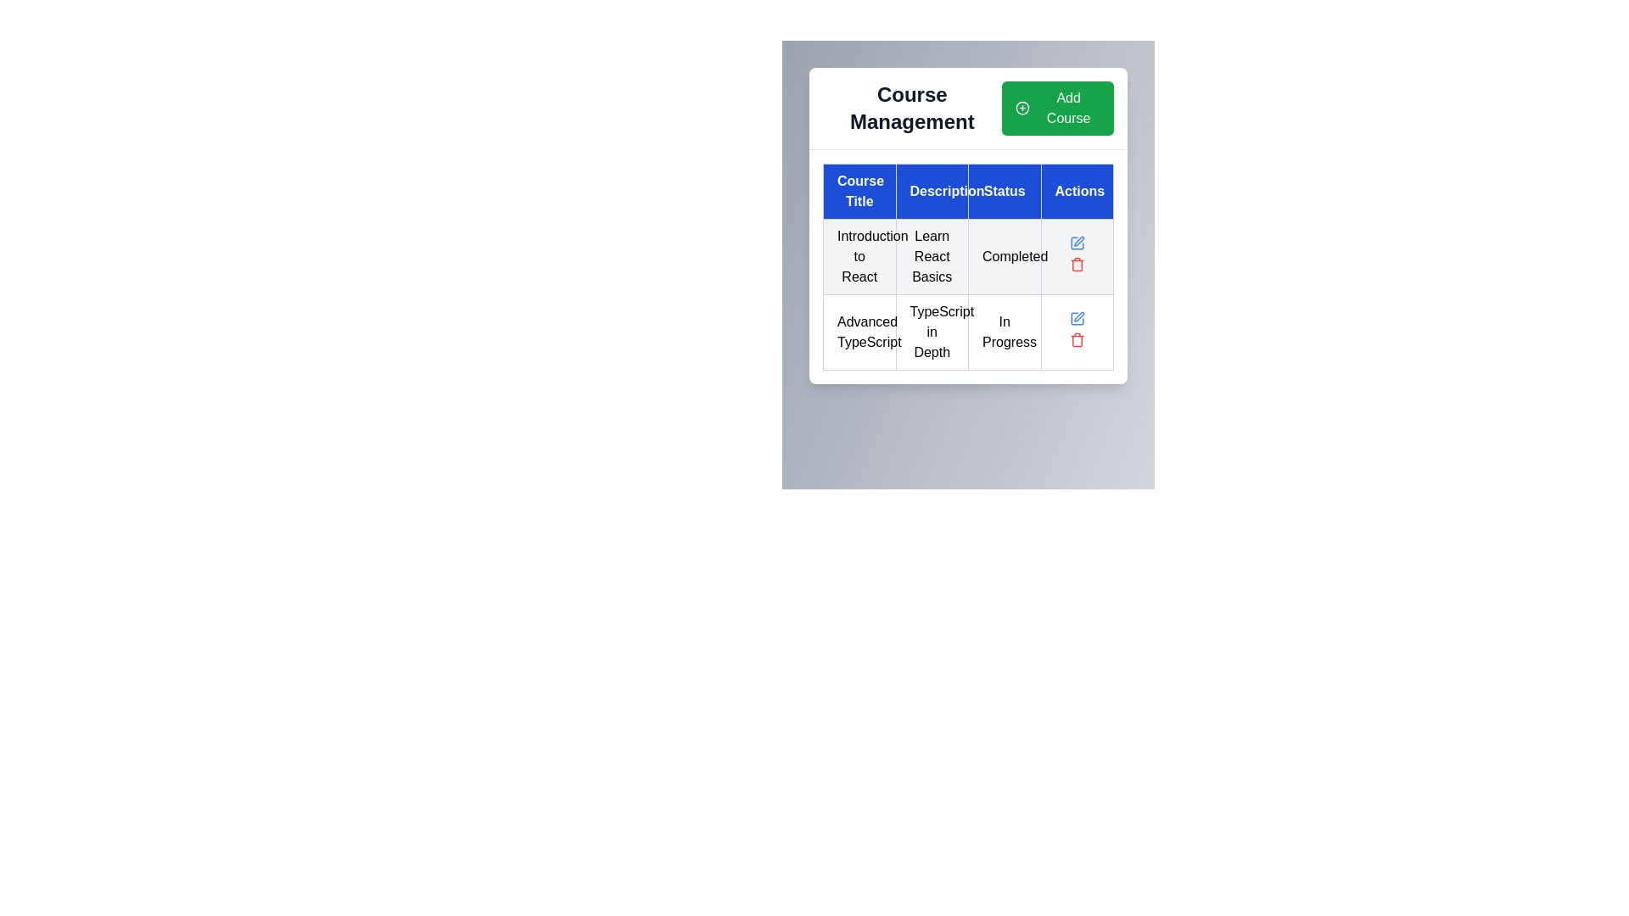  What do you see at coordinates (1005, 191) in the screenshot?
I see `the 'Status' header cell in the table layout, which displays 'Status' in white text on a blue background, located in the third column of the header row` at bounding box center [1005, 191].